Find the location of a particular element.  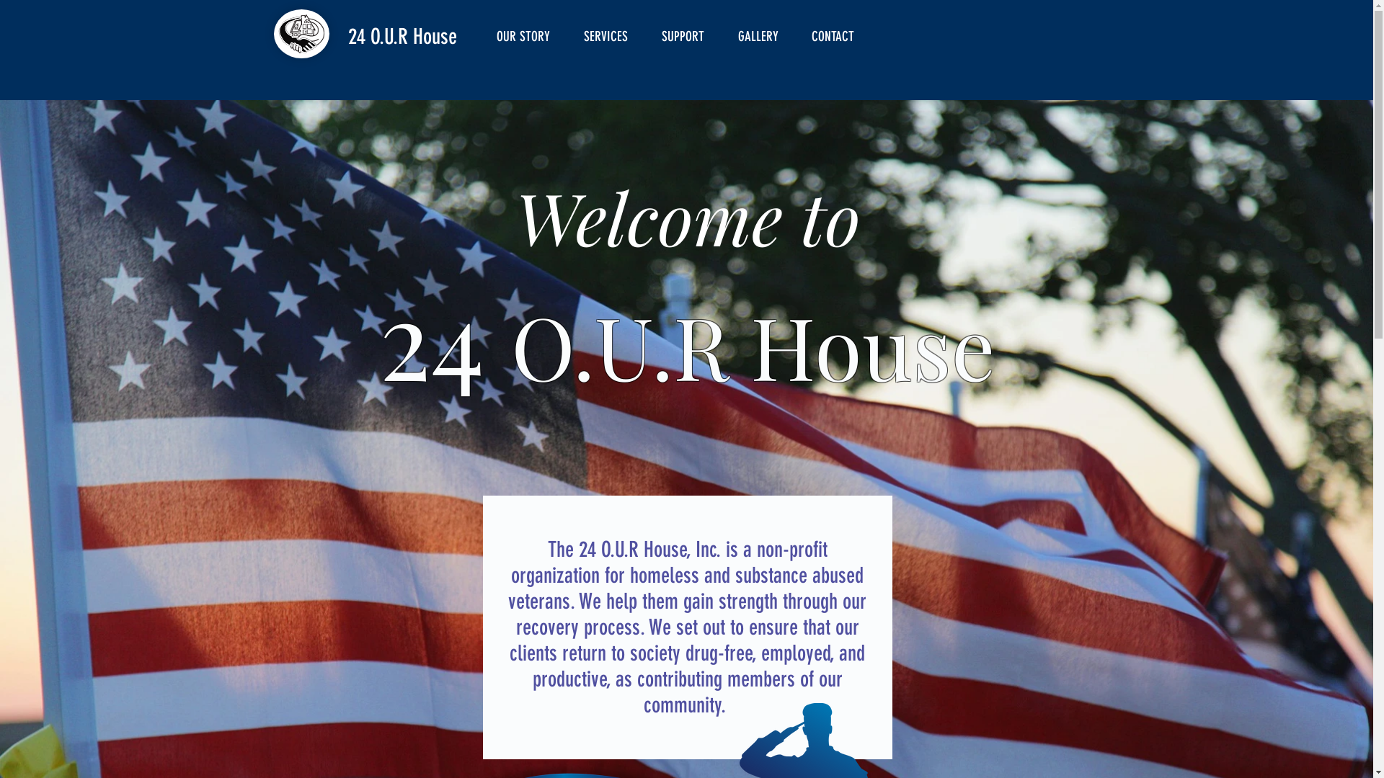

'CONTACT' is located at coordinates (838, 35).